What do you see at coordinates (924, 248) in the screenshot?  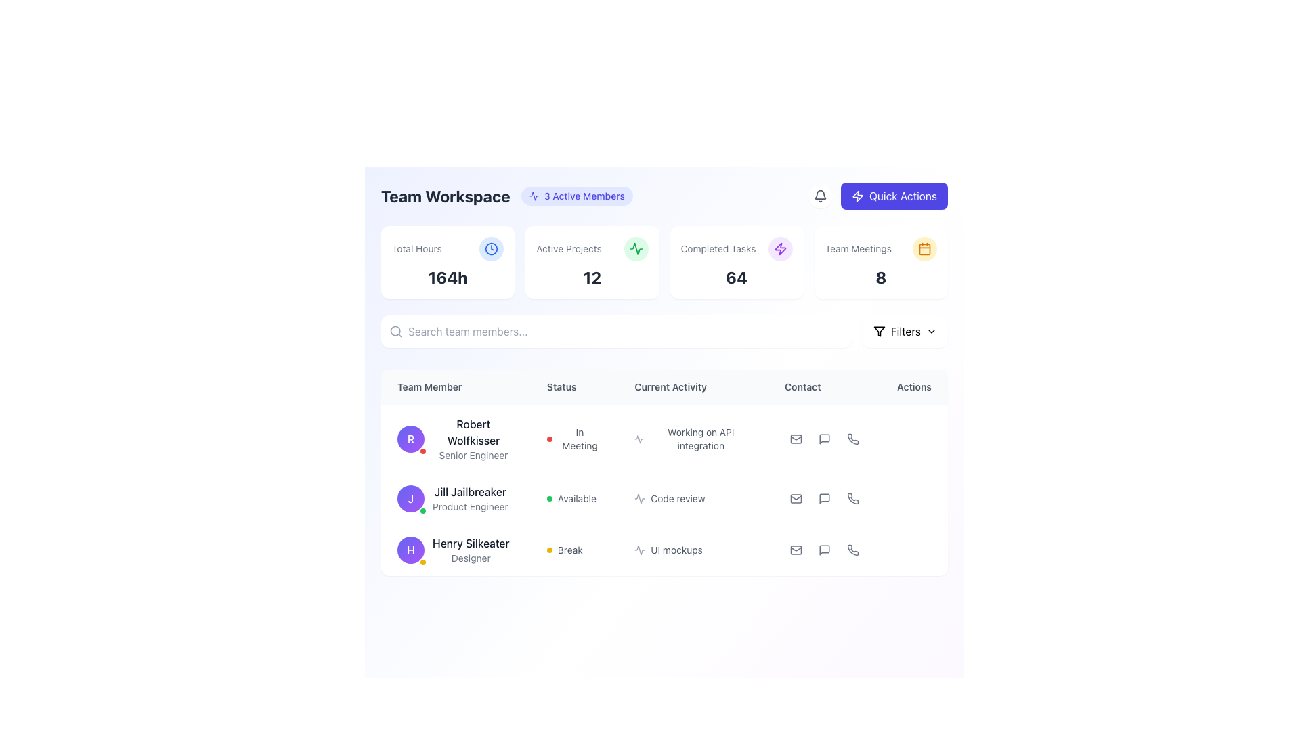 I see `the rounded rectangle icon component that is part of the calendar icon located at the top-right corner of the interface, adjacent to the 'Team Meetings' card` at bounding box center [924, 248].